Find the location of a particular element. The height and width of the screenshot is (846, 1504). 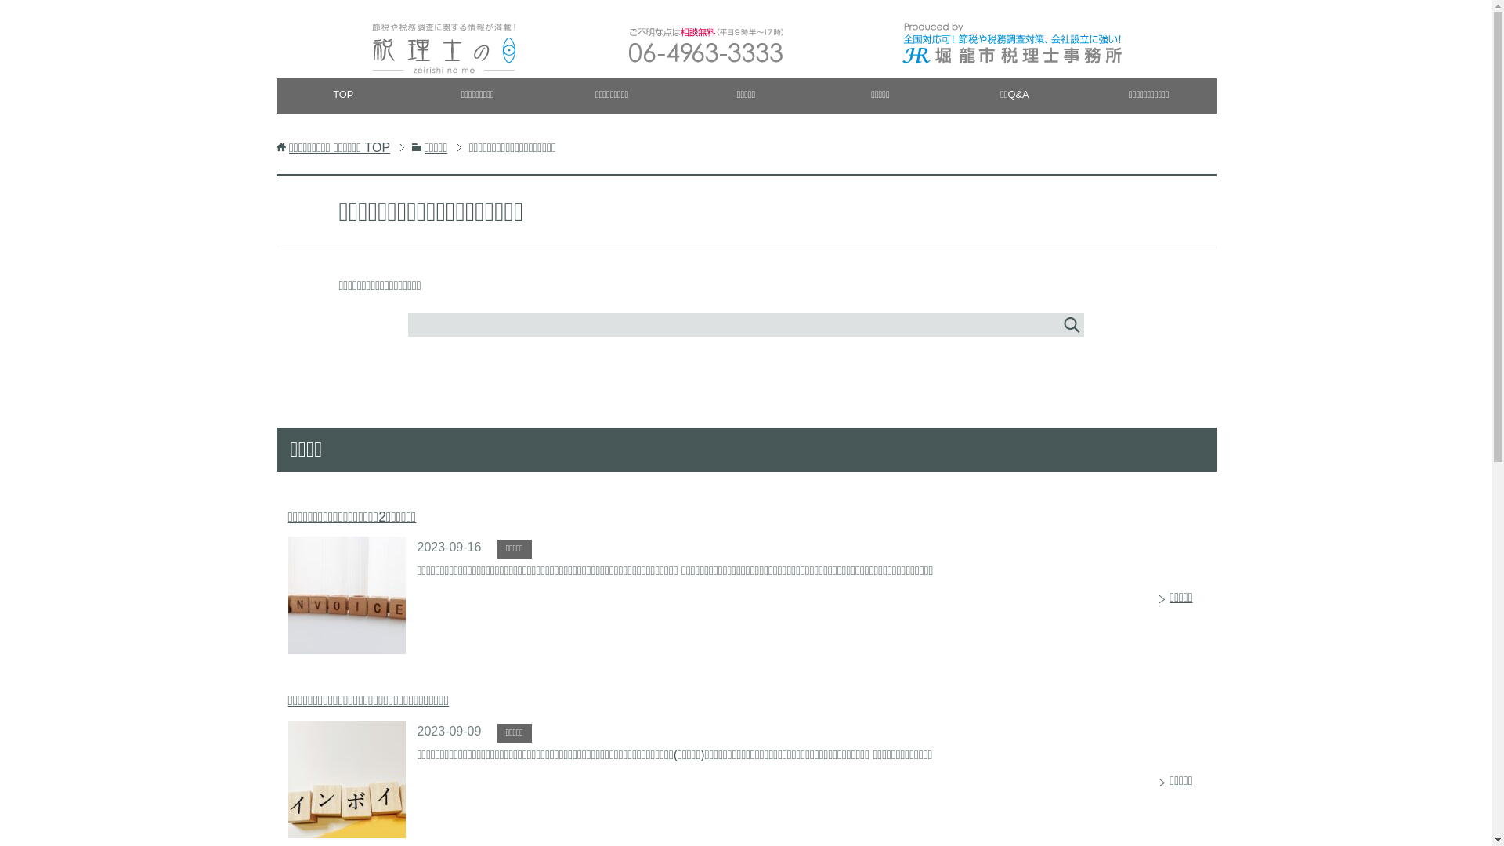

'TOP' is located at coordinates (275, 96).